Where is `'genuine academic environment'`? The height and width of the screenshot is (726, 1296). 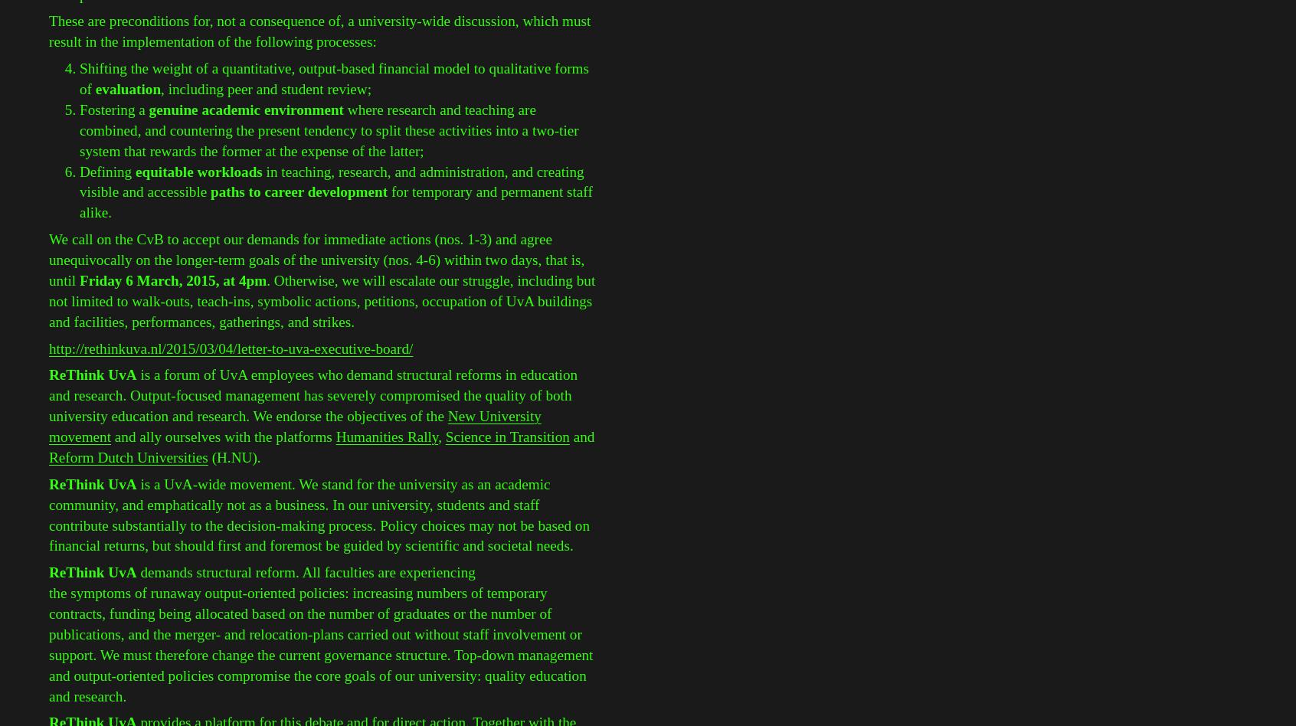
'genuine academic environment' is located at coordinates (245, 108).